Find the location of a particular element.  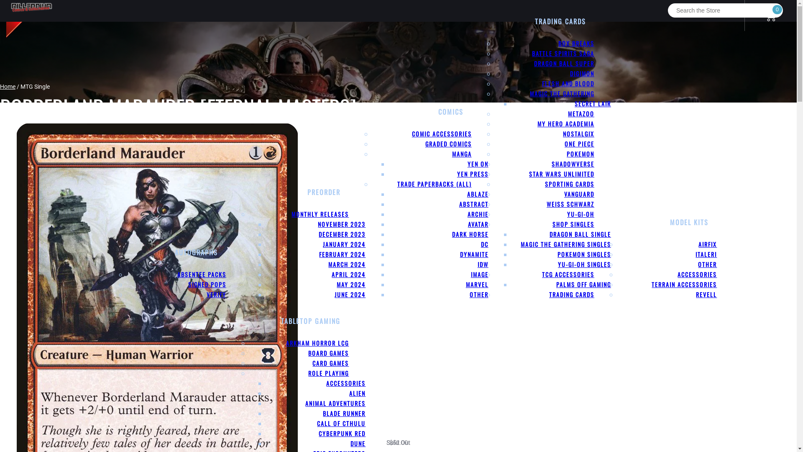

'Home' is located at coordinates (8, 87).